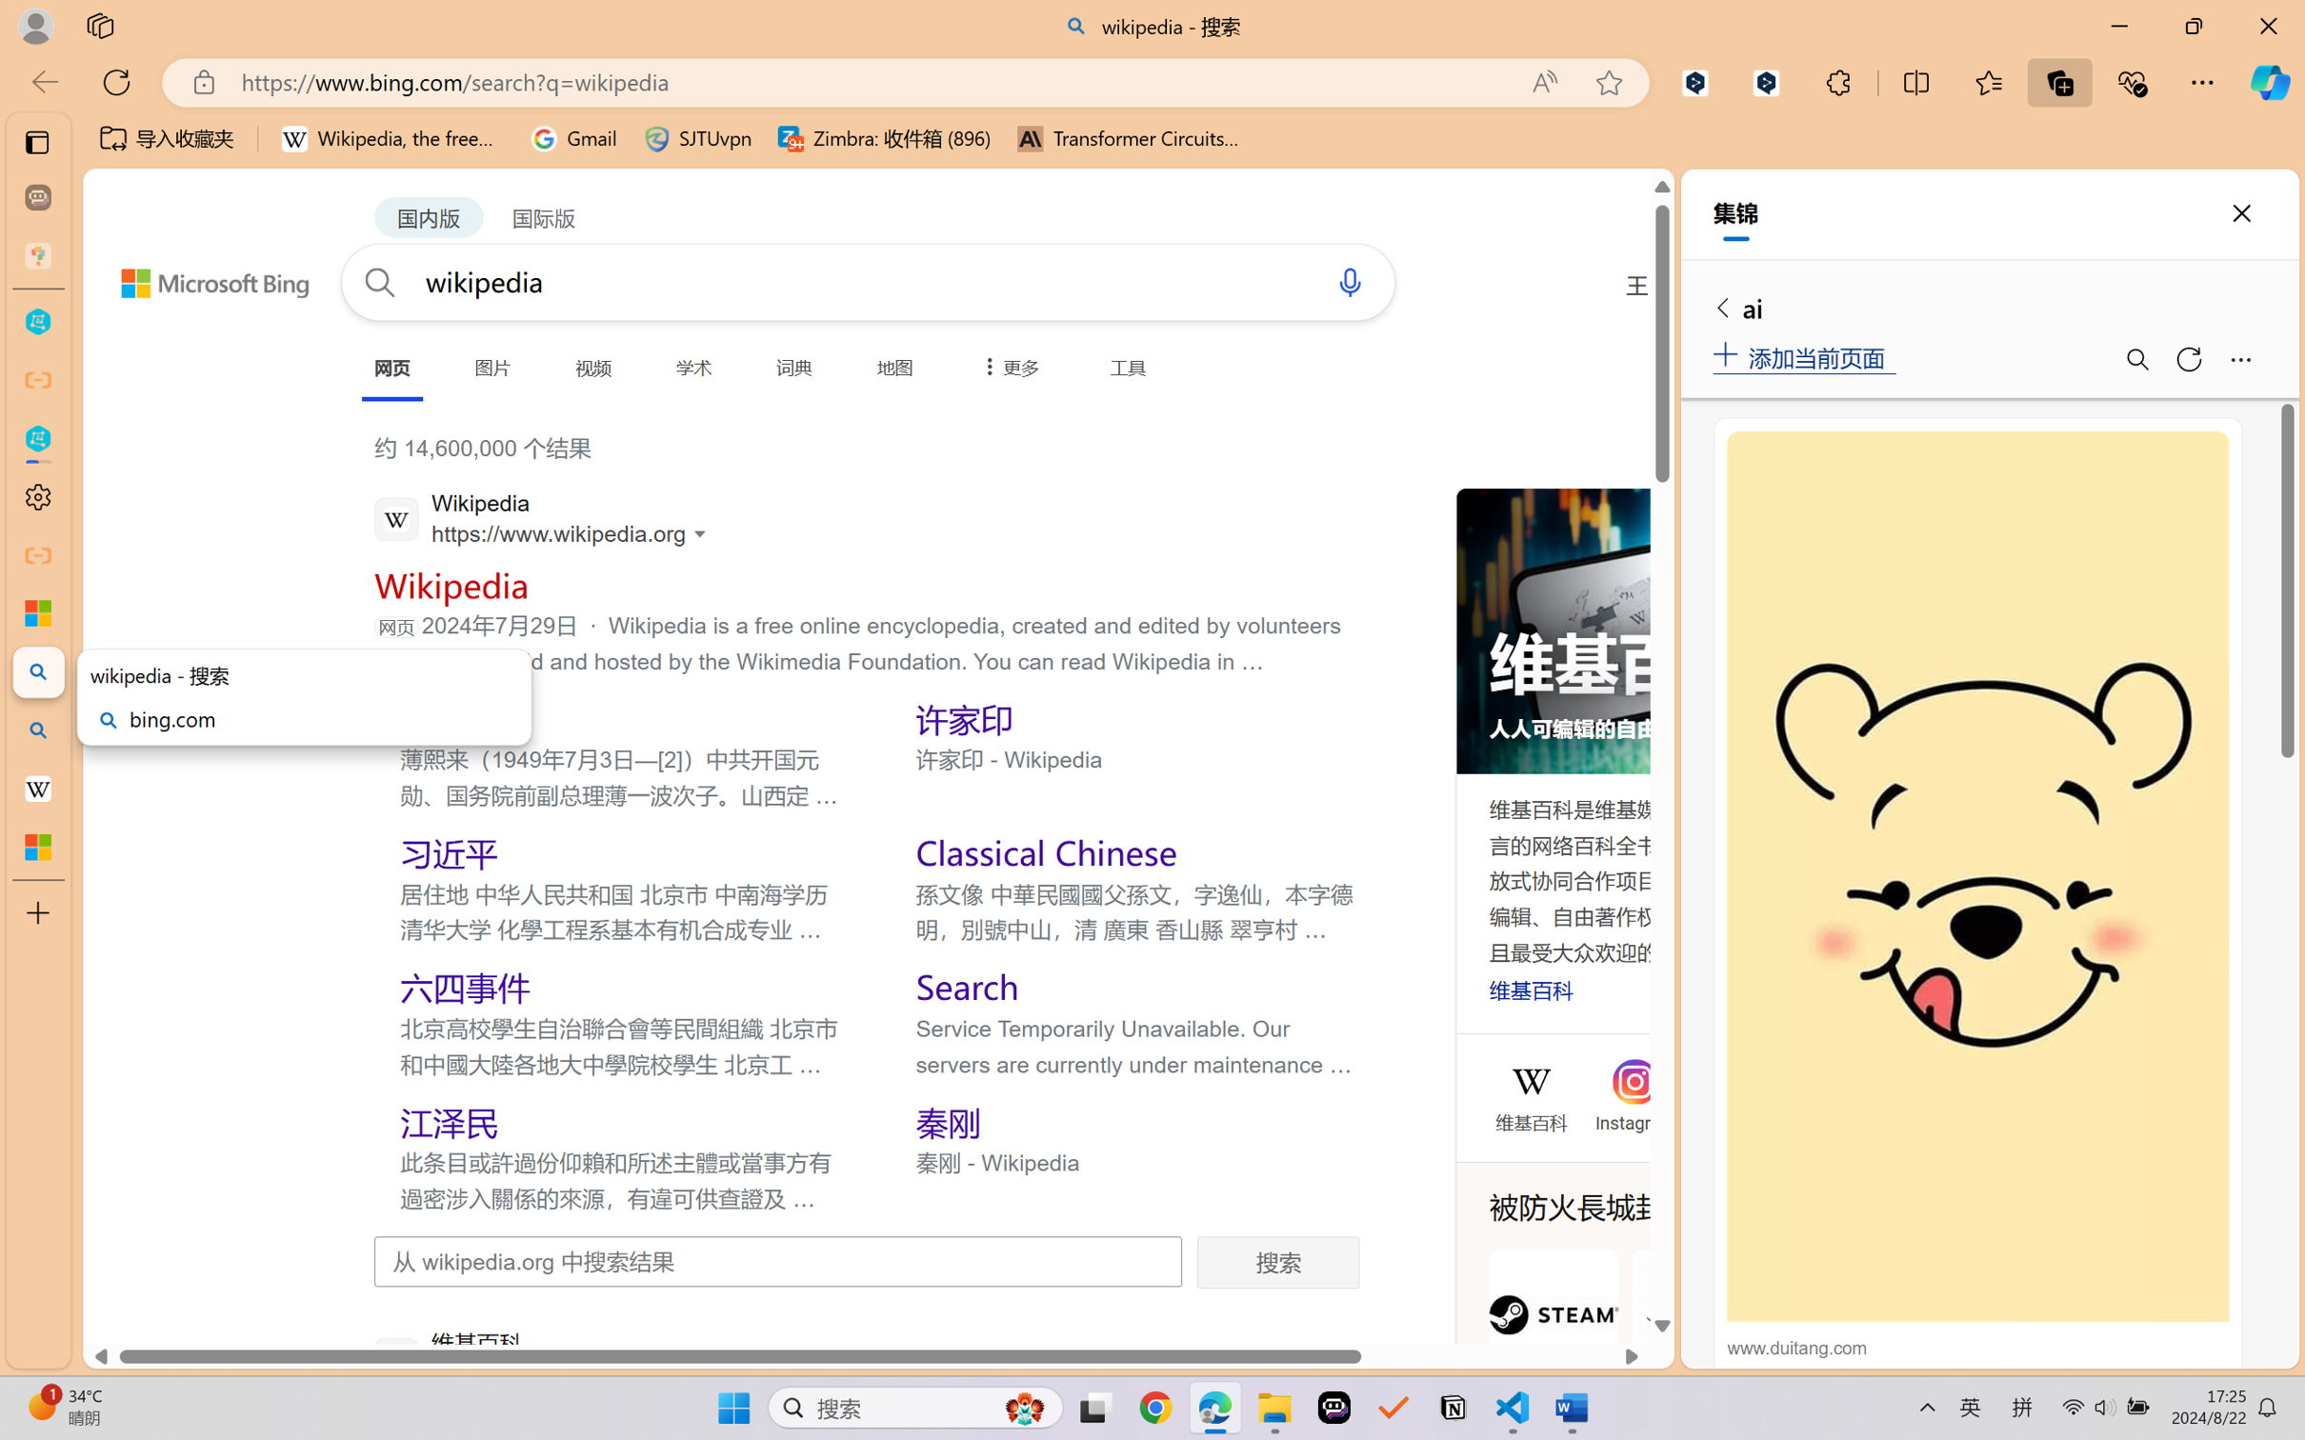 The width and height of the screenshot is (2305, 1440). I want to click on 'Steam', so click(1553, 1334).